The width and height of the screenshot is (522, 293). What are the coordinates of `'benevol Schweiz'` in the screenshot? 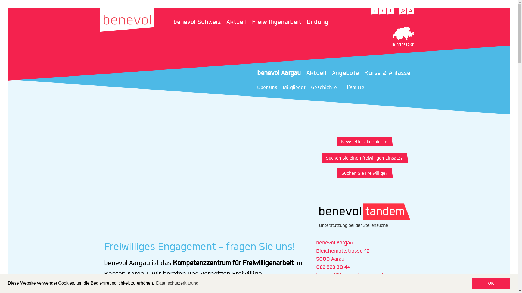 It's located at (173, 22).